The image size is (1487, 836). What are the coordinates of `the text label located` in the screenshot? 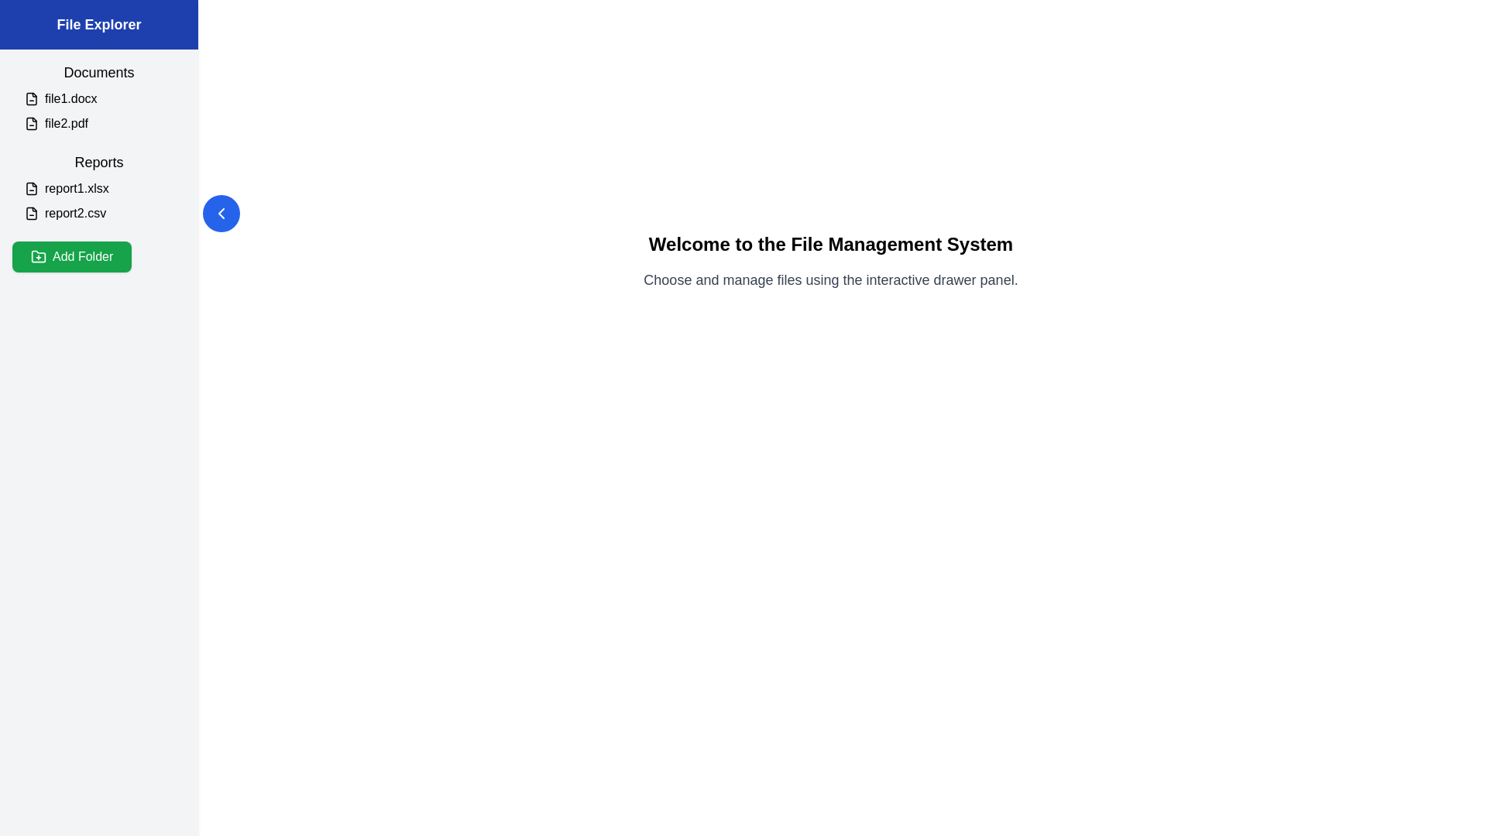 It's located at (98, 72).